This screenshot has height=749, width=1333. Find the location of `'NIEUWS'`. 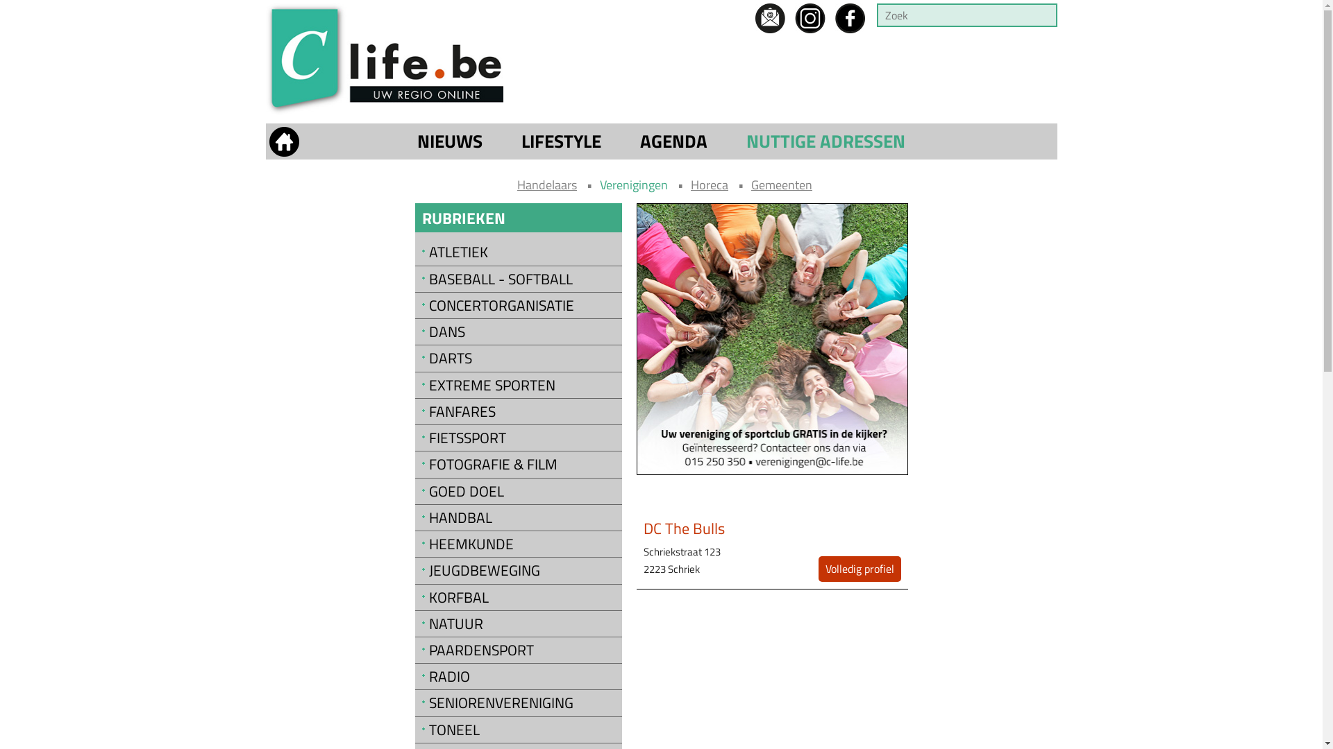

'NIEUWS' is located at coordinates (412, 141).